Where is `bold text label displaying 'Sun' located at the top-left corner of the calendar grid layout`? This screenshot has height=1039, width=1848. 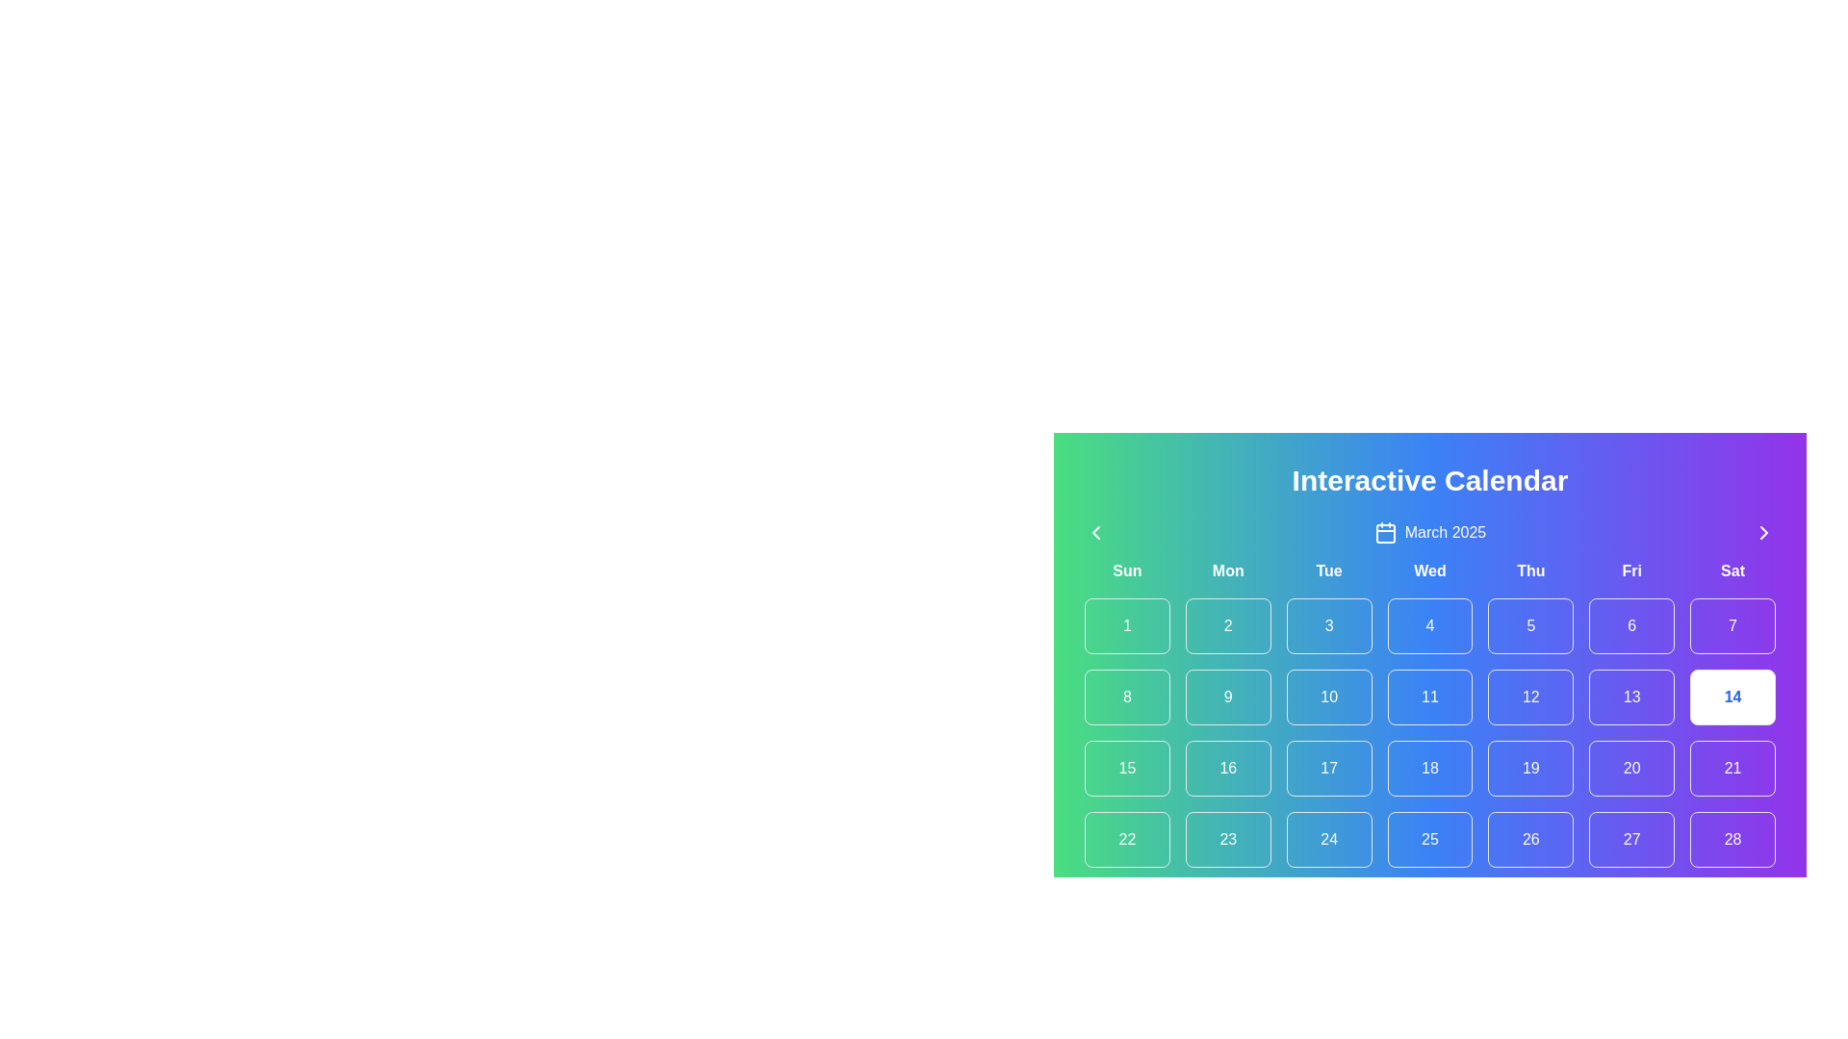
bold text label displaying 'Sun' located at the top-left corner of the calendar grid layout is located at coordinates (1127, 570).